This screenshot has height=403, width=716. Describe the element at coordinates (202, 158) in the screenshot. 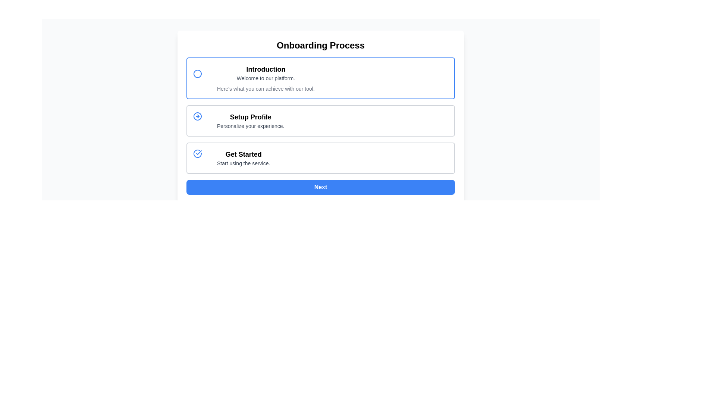

I see `the visual state of the circular icon with a blue outline and a checkmark inside, located at the top-left corner of the 'Get Started' card` at that location.